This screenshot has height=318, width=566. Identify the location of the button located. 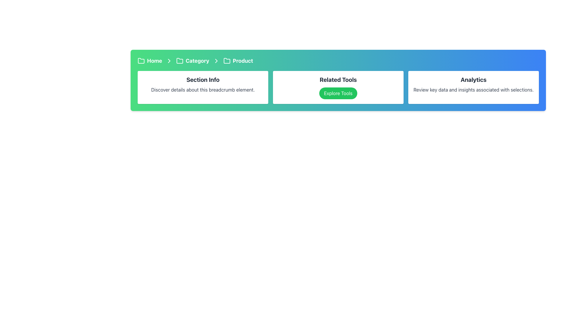
(338, 93).